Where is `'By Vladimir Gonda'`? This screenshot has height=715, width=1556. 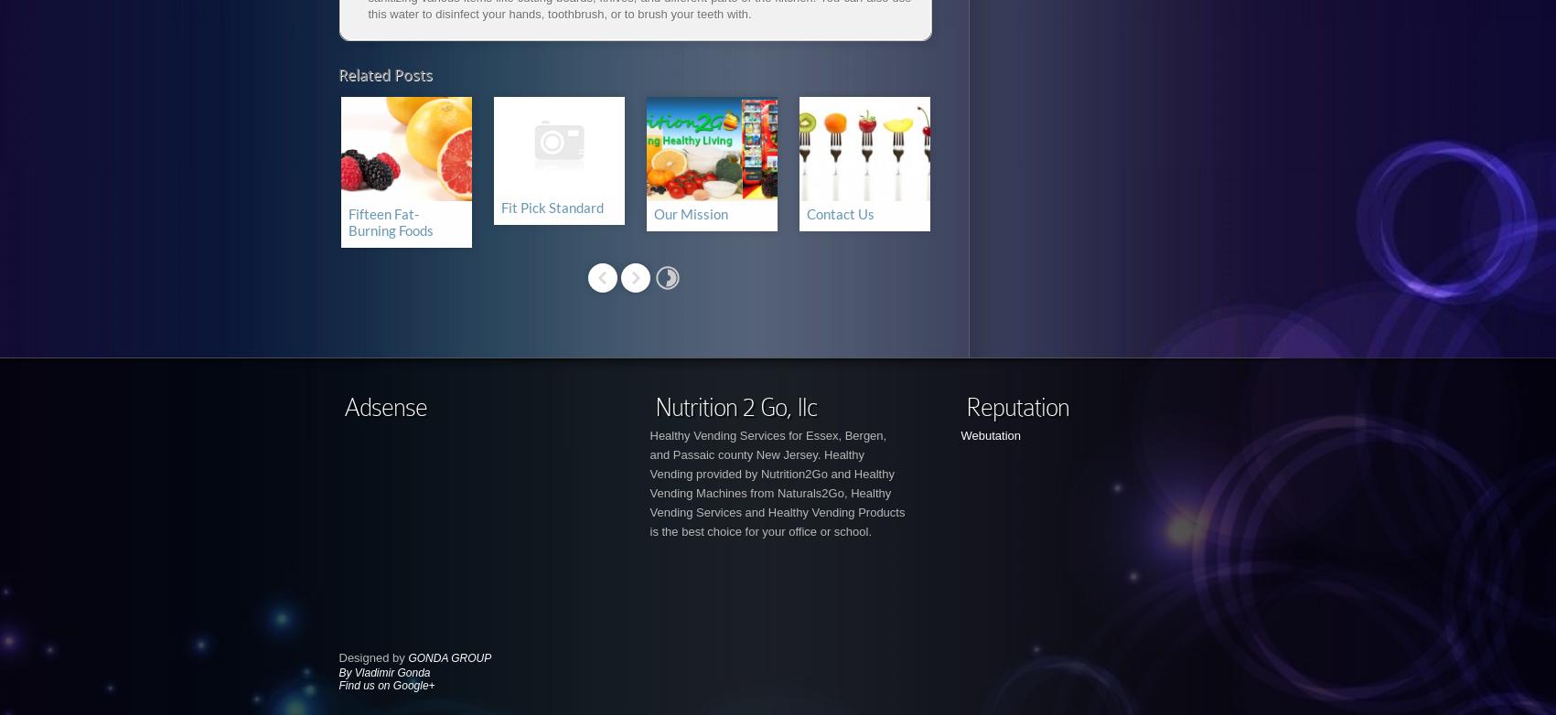
'By Vladimir Gonda' is located at coordinates (382, 672).